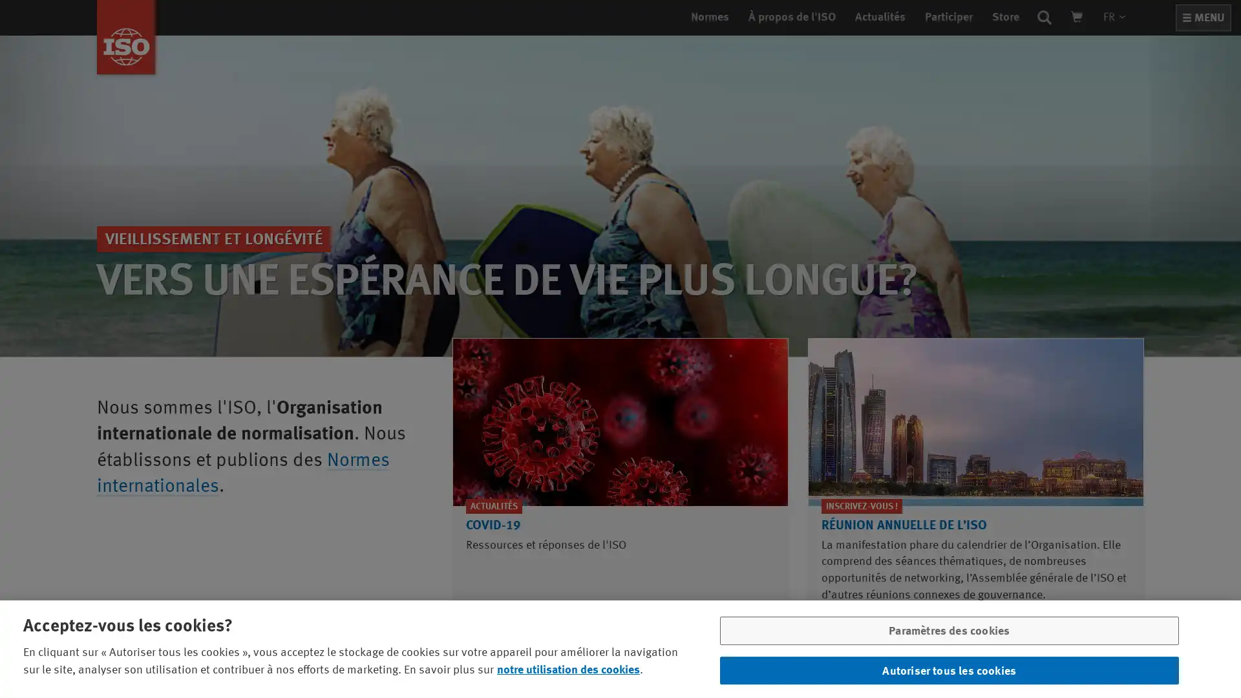 The height and width of the screenshot is (698, 1241). I want to click on Parametres des cookies, so click(949, 633).